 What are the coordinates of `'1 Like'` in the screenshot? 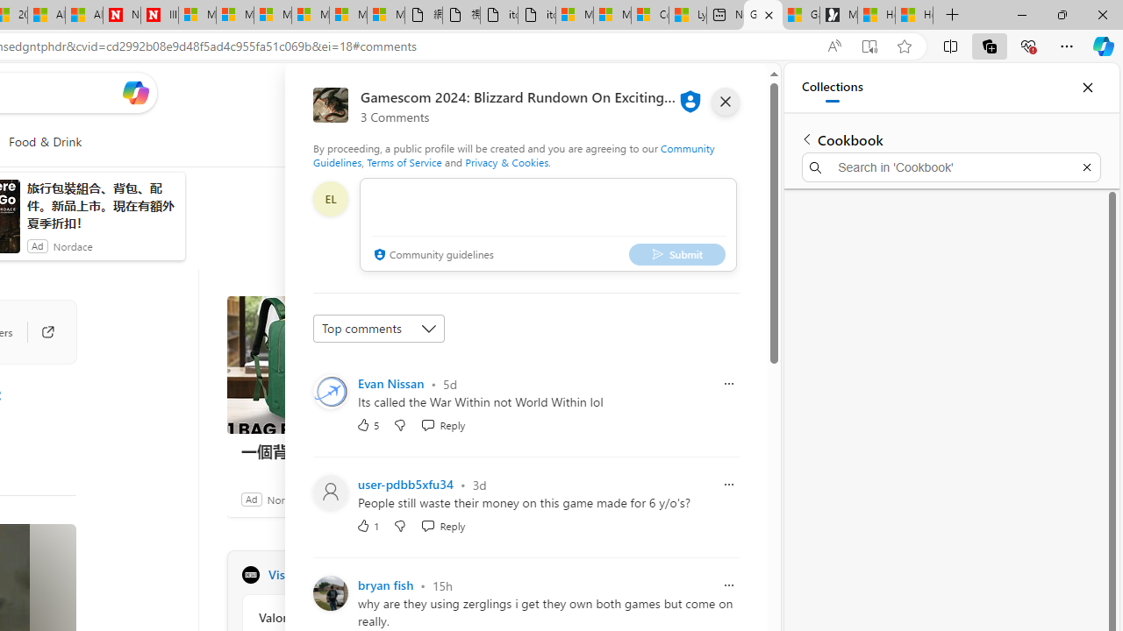 It's located at (367, 525).